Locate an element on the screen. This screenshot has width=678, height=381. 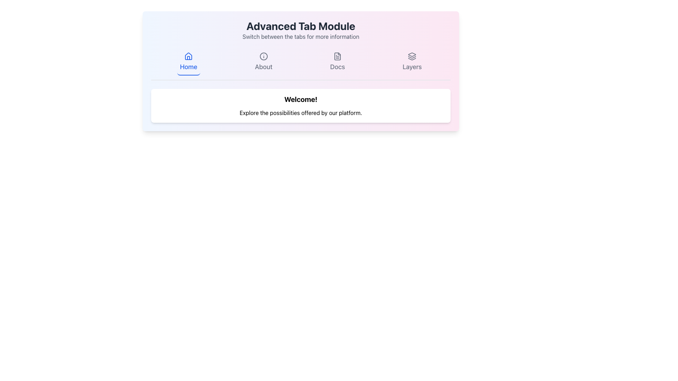
the file icon located under the 'Docs' label in the navigation bar is located at coordinates (337, 56).